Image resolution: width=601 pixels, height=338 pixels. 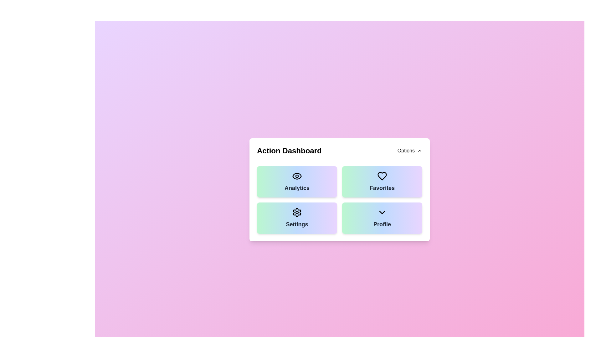 I want to click on the chevron-down icon located at the top-center of the 'Profile' button, so click(x=382, y=212).